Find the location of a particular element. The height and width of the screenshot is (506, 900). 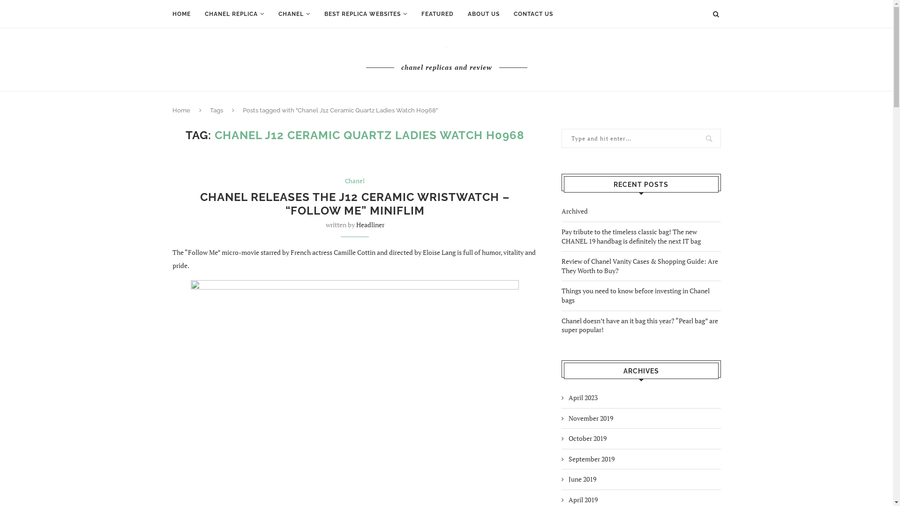

'ABOUT US' is located at coordinates (484, 14).